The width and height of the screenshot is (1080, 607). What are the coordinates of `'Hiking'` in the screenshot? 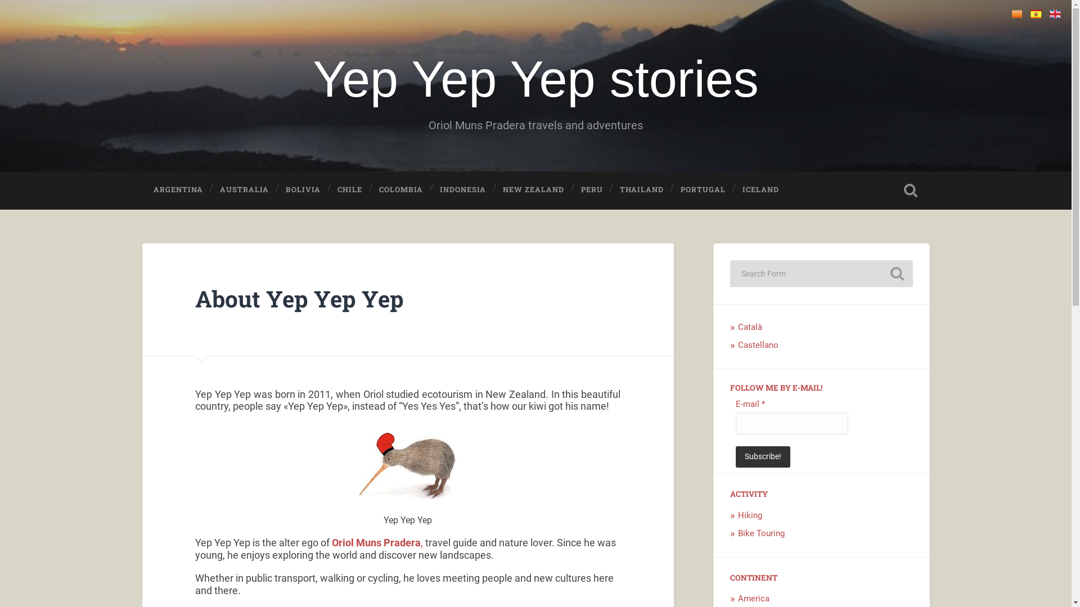 It's located at (750, 515).